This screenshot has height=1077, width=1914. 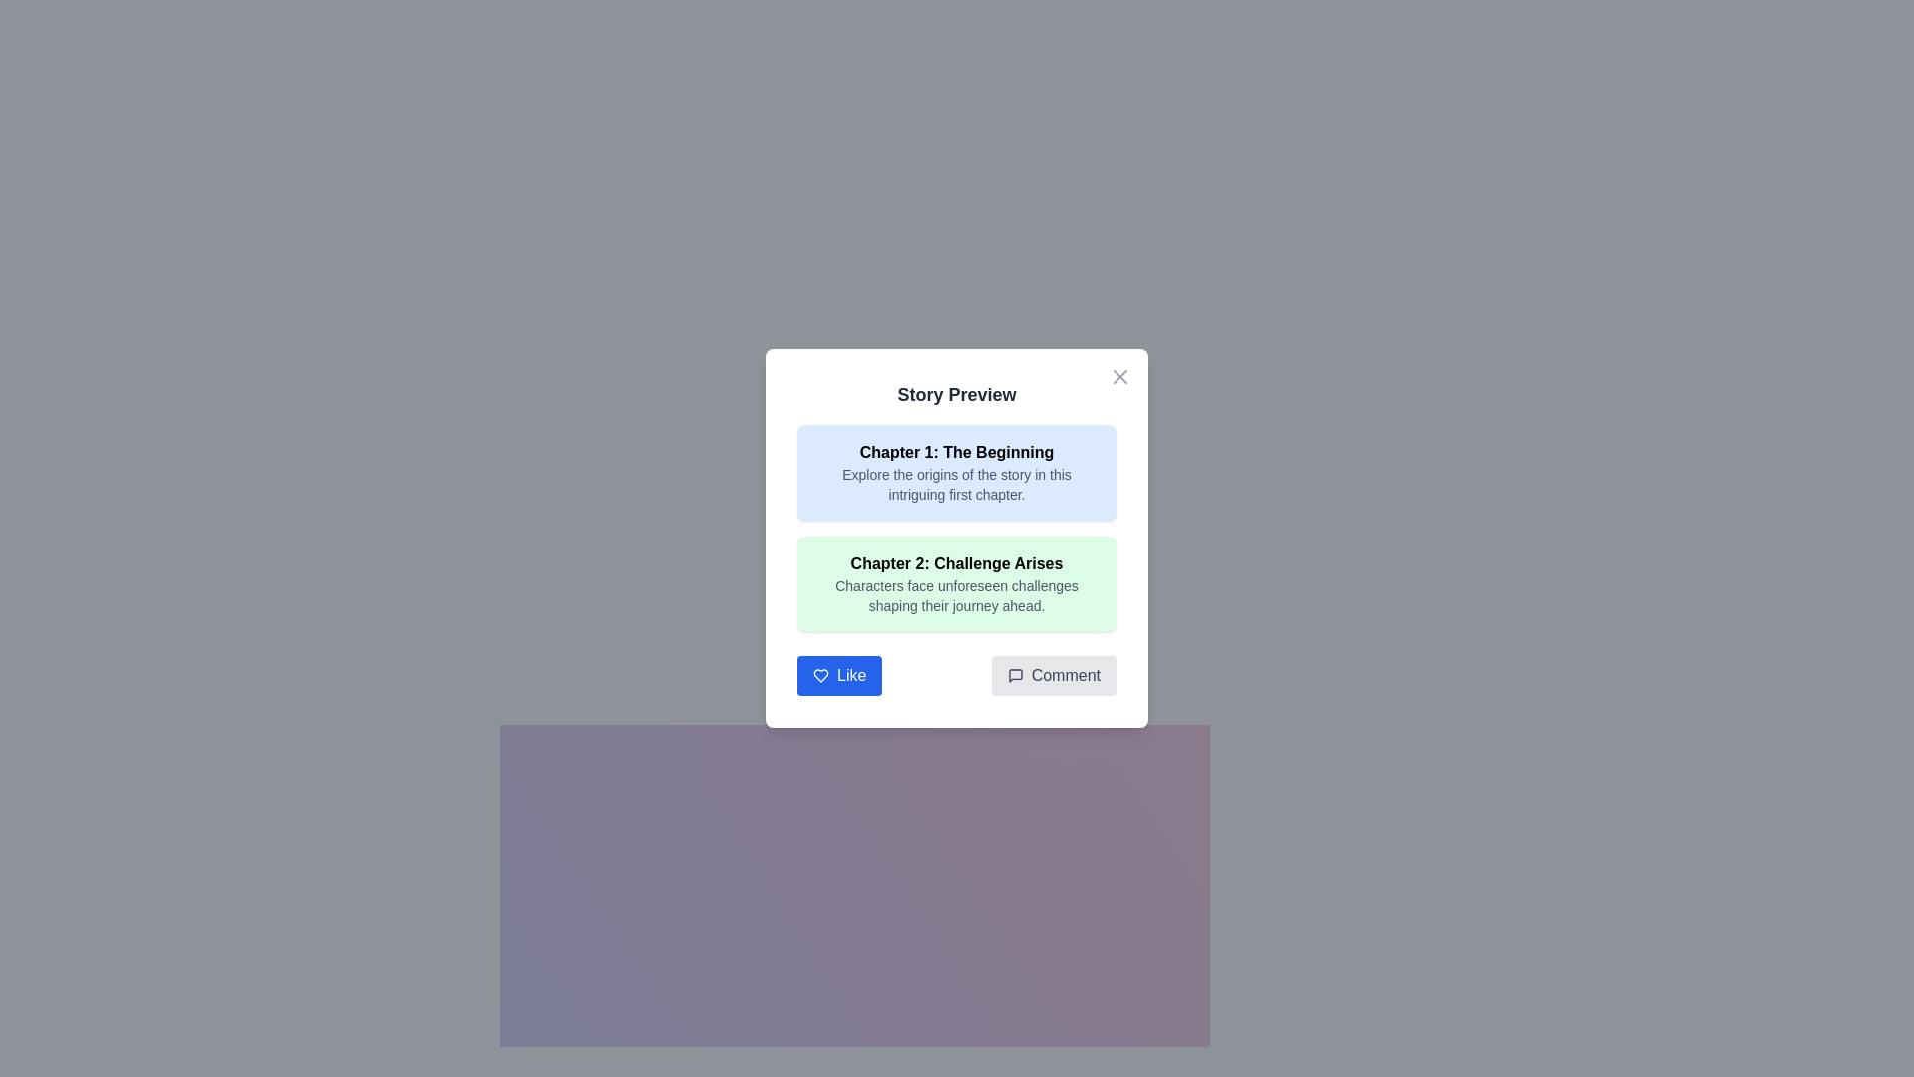 What do you see at coordinates (851, 675) in the screenshot?
I see `the 'Like' text label within the button in the 'Story Preview' pop-up interface` at bounding box center [851, 675].